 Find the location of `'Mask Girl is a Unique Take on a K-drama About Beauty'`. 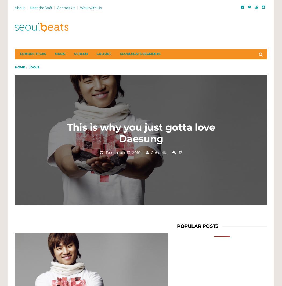

'Mask Girl is a Unique Take on a K-drama About Beauty' is located at coordinates (109, 111).